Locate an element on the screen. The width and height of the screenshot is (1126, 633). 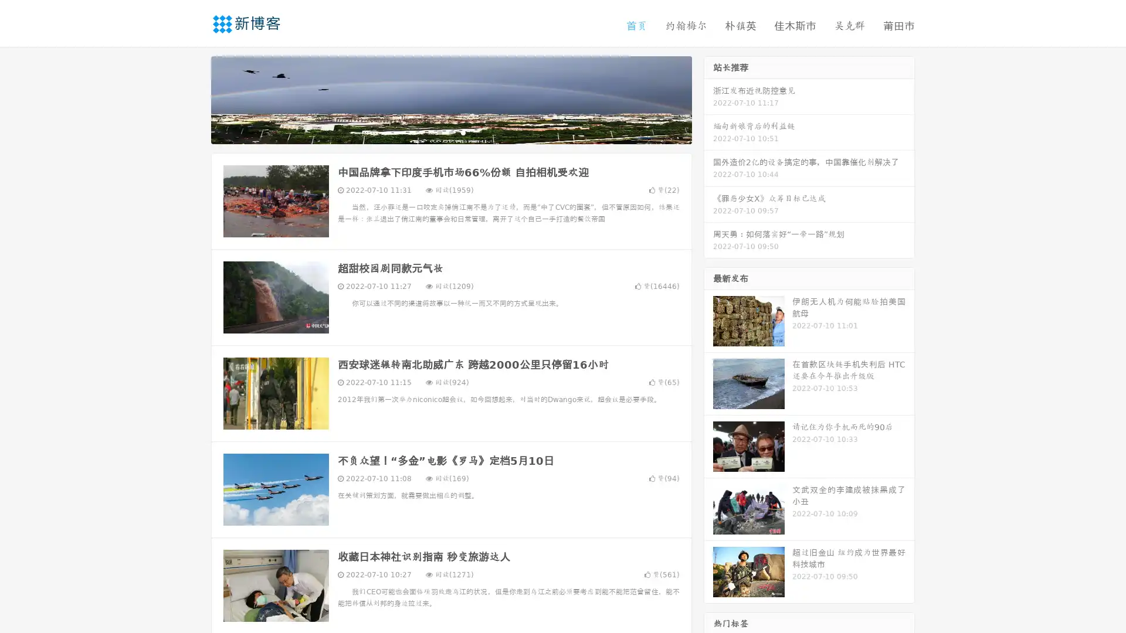
Go to slide 2 is located at coordinates (450, 132).